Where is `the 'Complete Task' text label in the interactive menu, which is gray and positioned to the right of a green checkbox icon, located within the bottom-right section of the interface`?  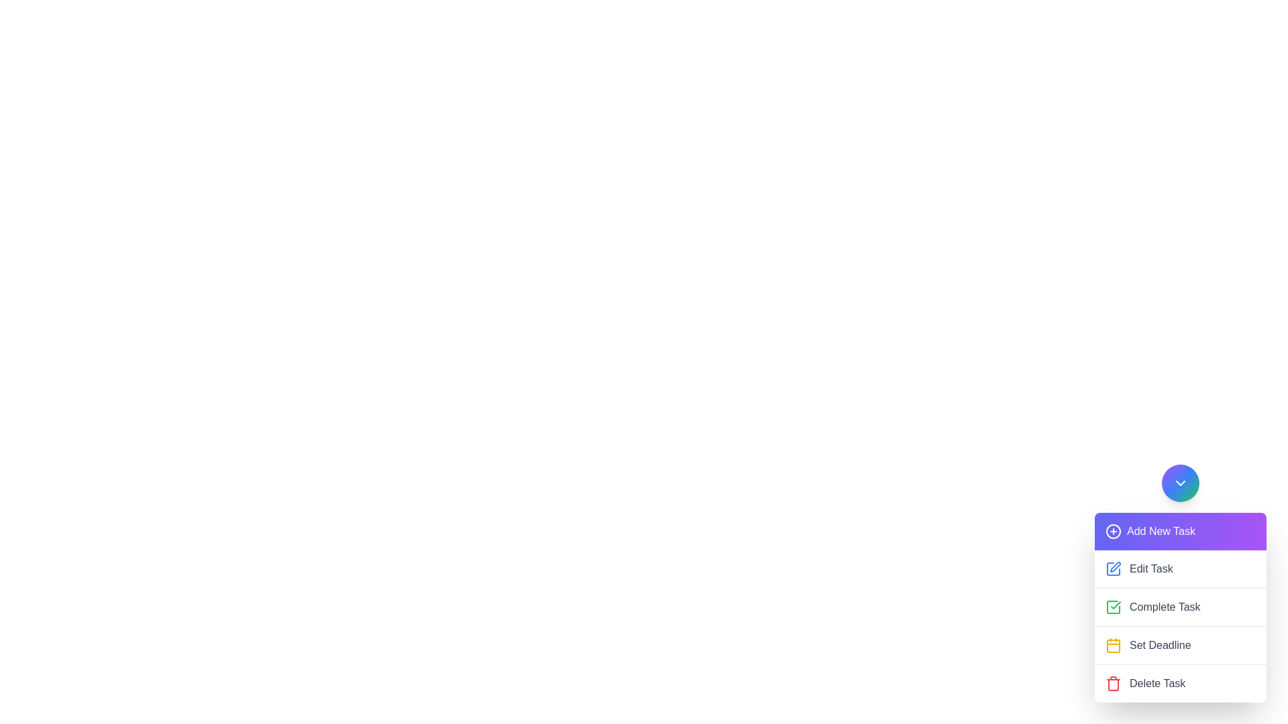 the 'Complete Task' text label in the interactive menu, which is gray and positioned to the right of a green checkbox icon, located within the bottom-right section of the interface is located at coordinates (1164, 607).